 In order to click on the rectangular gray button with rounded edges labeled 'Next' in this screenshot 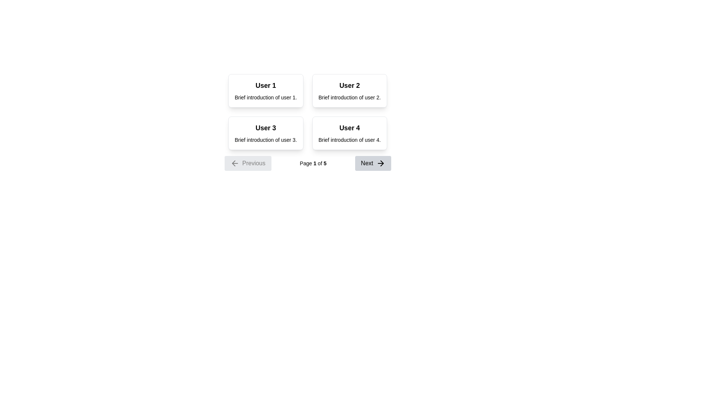, I will do `click(373, 163)`.